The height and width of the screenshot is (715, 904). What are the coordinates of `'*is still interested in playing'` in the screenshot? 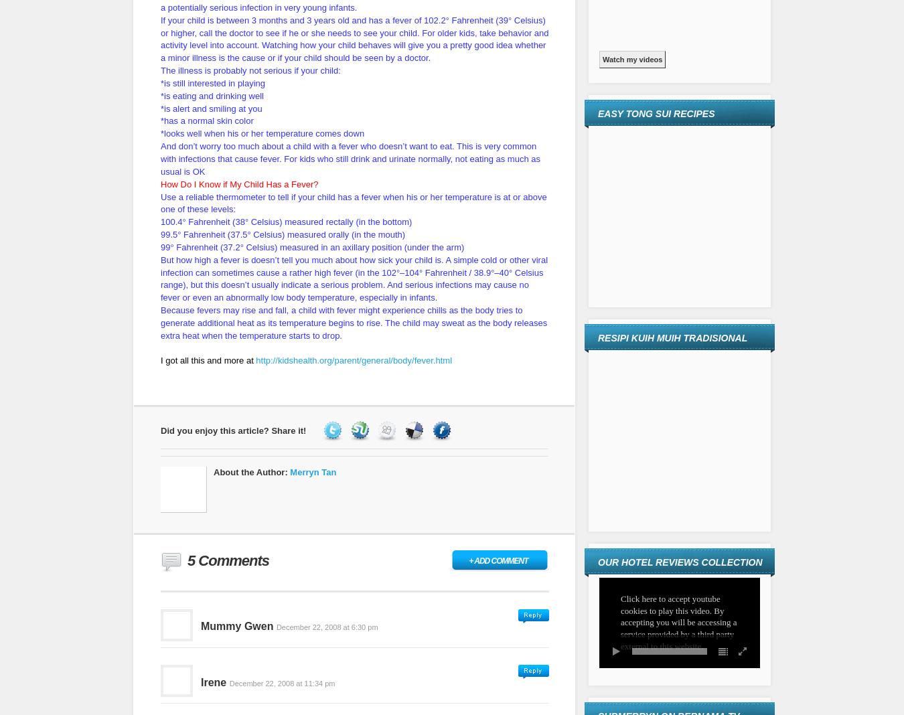 It's located at (212, 82).